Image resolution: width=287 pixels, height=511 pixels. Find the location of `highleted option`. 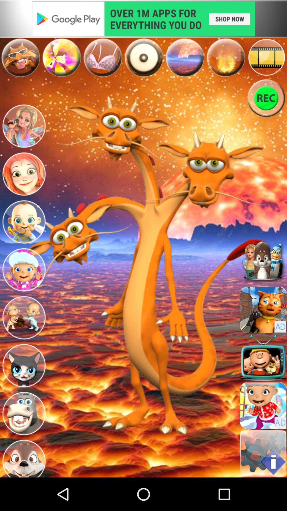

highleted option is located at coordinates (143, 57).